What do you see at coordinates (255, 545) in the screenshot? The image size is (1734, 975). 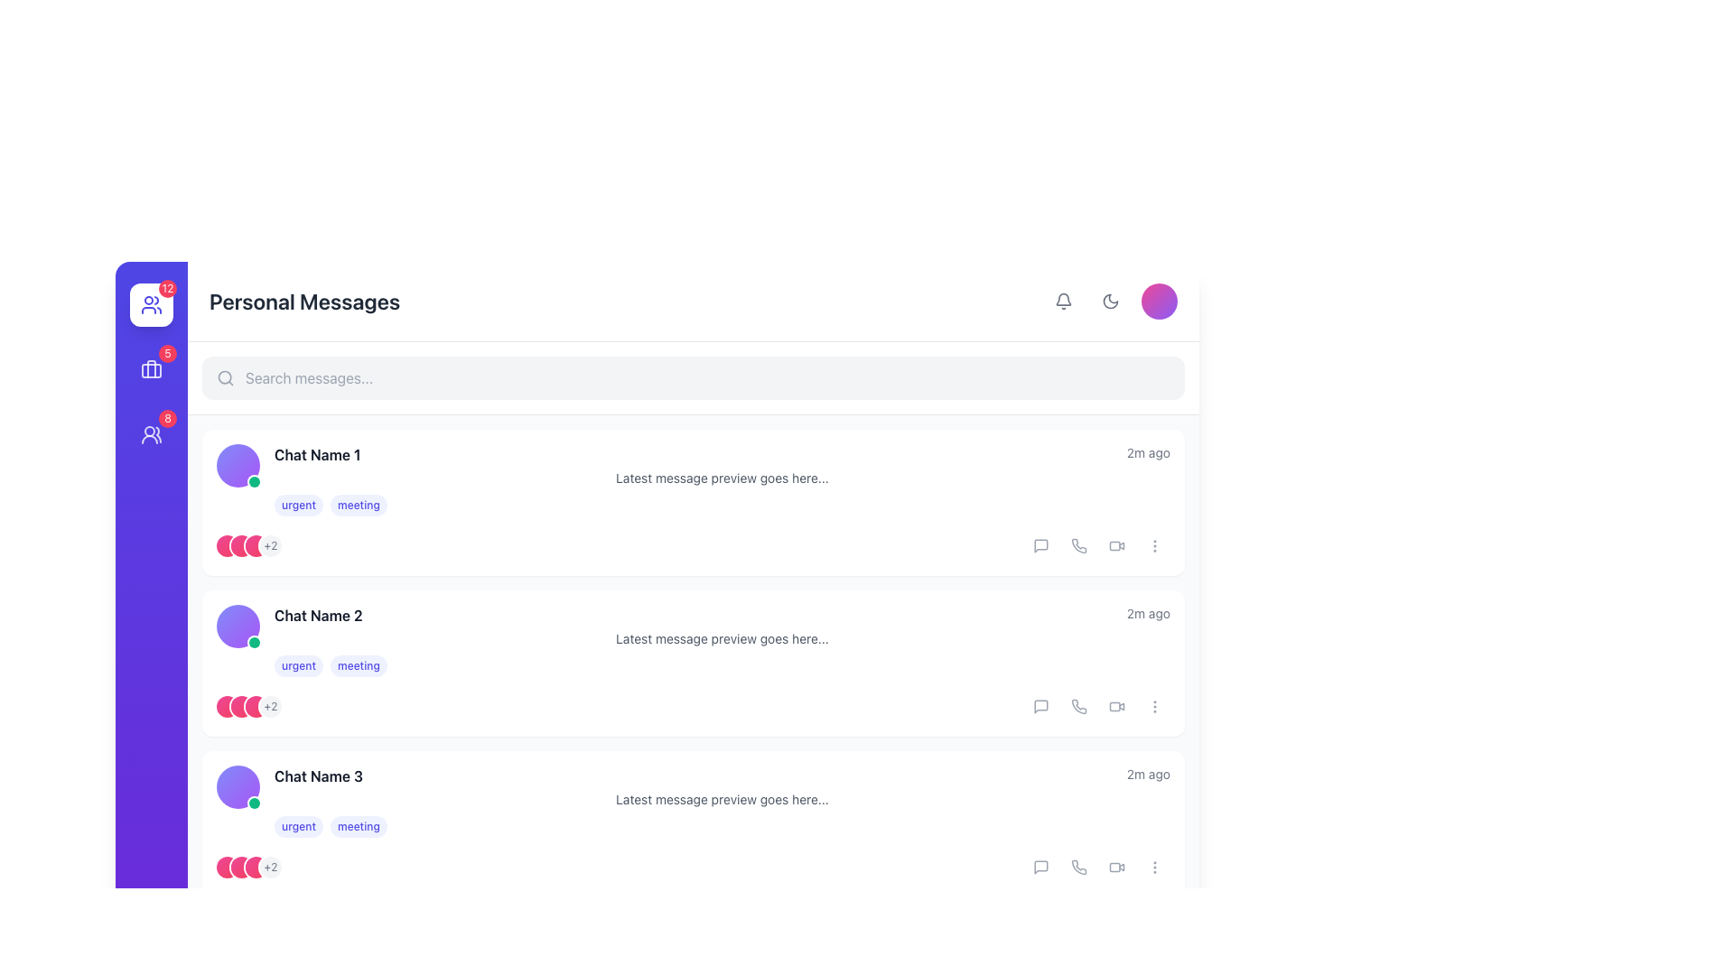 I see `the third circular profile avatar indicator in the chat group's header section, which visually represents an individual participant` at bounding box center [255, 545].